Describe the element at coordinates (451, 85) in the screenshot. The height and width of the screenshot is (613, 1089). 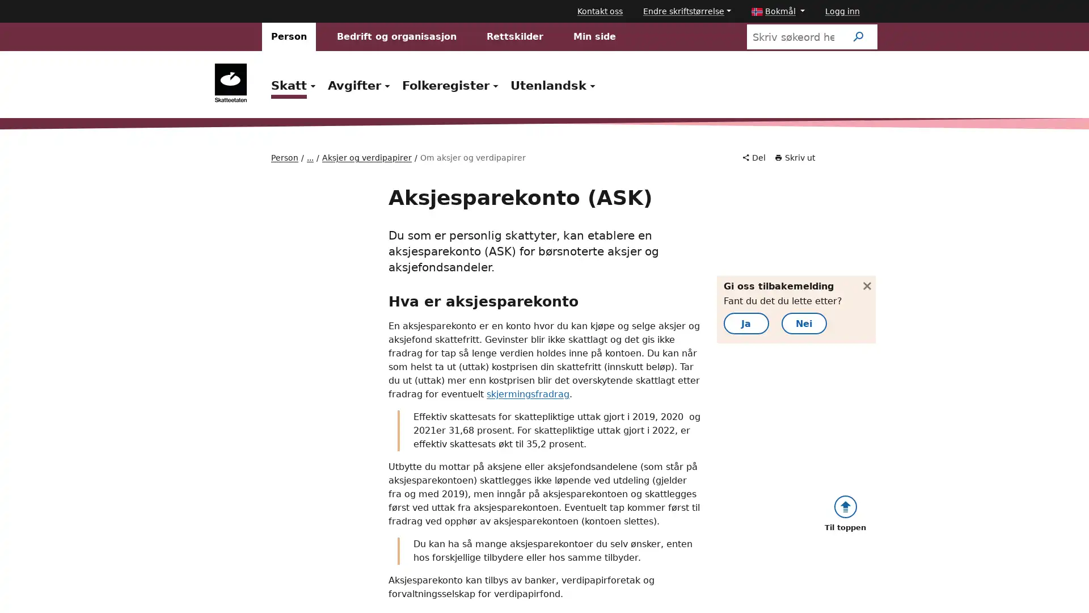
I see `Folkeregister` at that location.